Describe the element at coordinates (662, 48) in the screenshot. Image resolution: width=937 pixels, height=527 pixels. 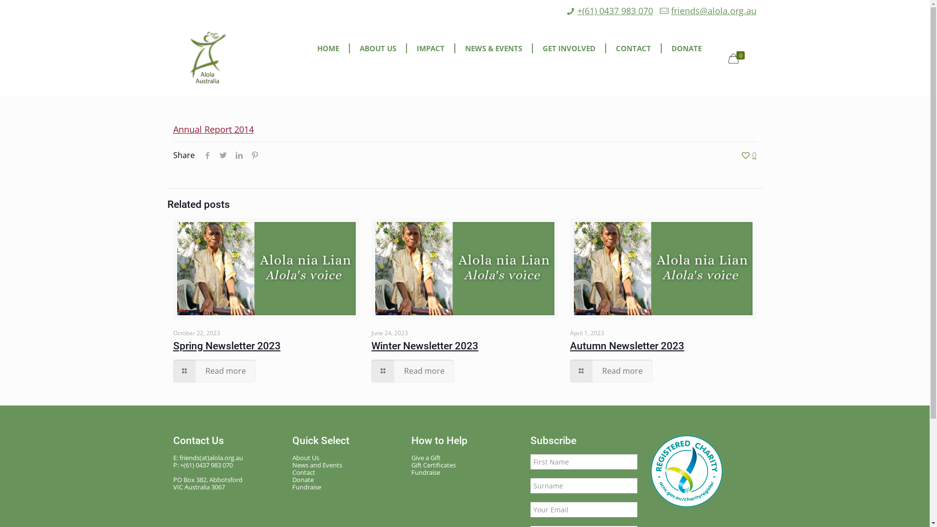
I see `'DONATE'` at that location.